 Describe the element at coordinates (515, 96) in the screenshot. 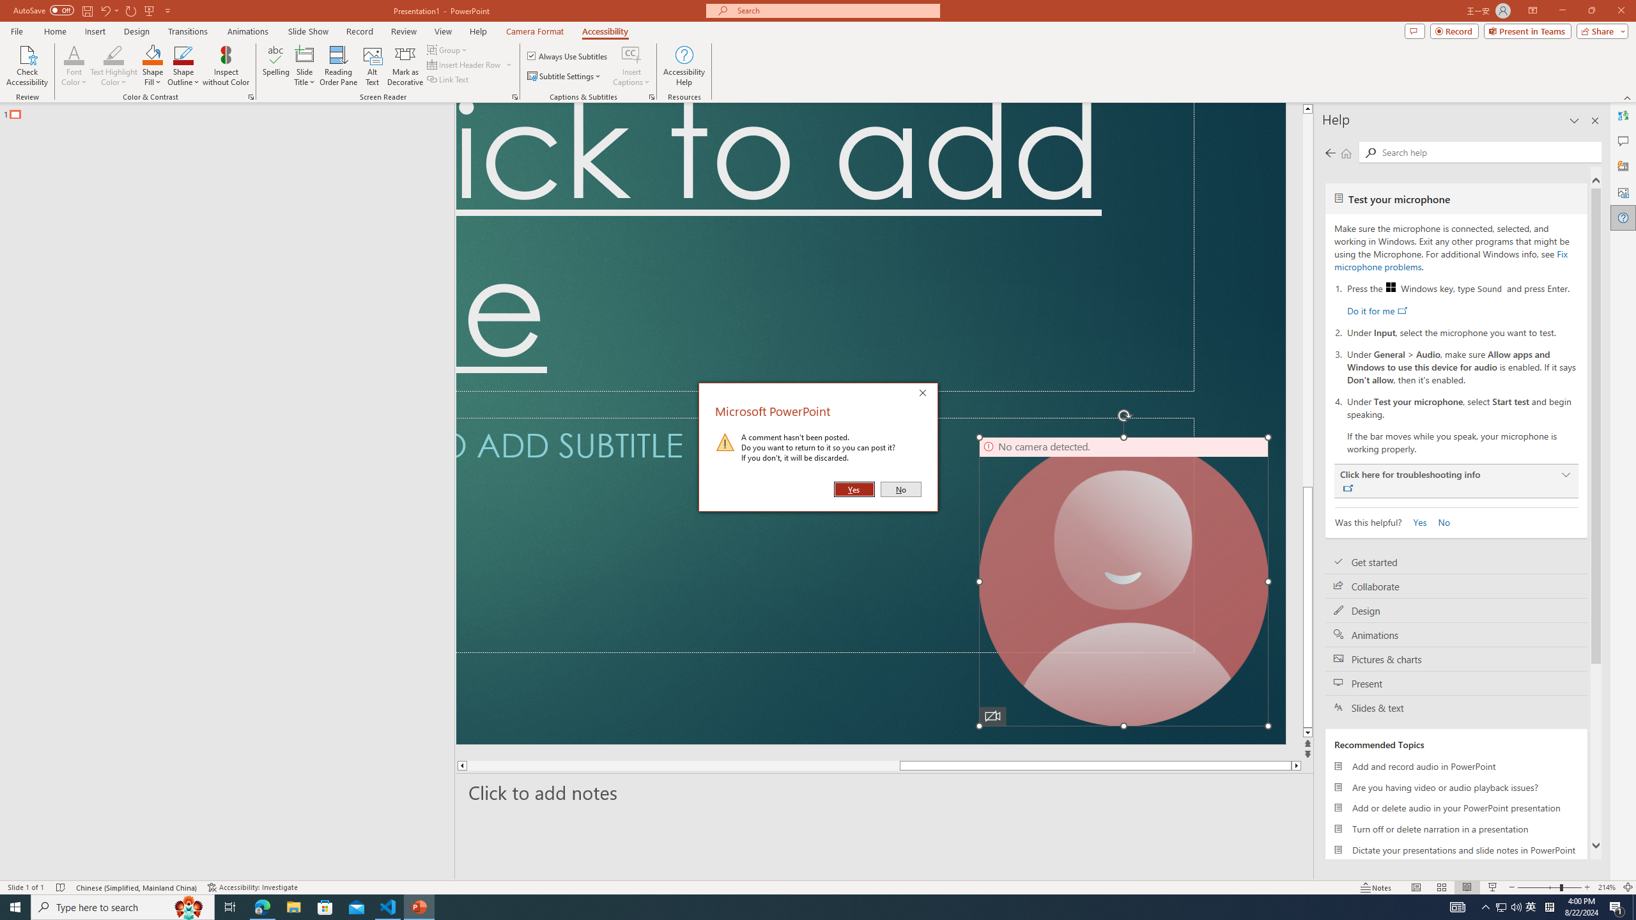

I see `'Screen Reader'` at that location.